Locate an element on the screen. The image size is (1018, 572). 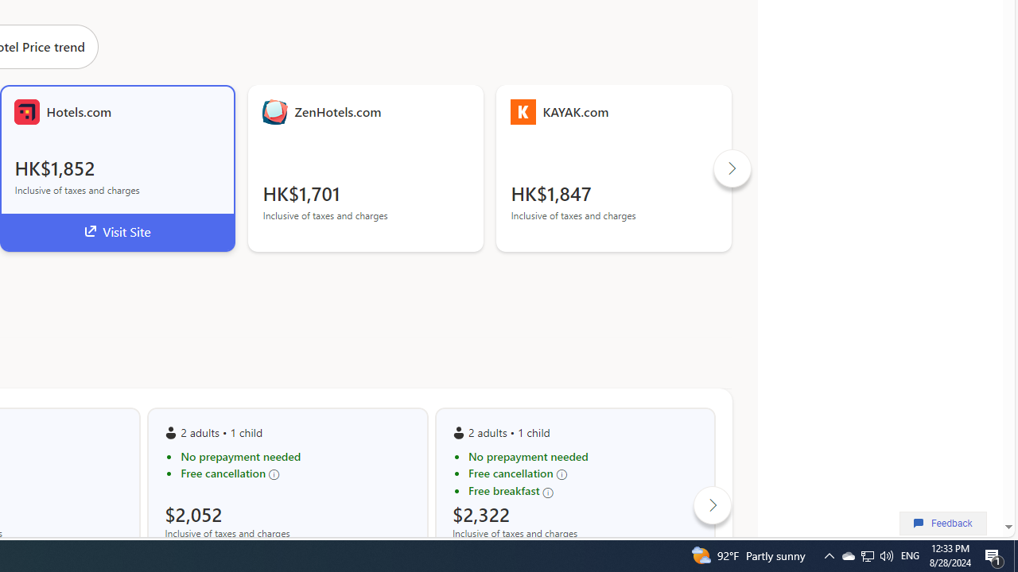
'Free breakfast' is located at coordinates (582, 491).